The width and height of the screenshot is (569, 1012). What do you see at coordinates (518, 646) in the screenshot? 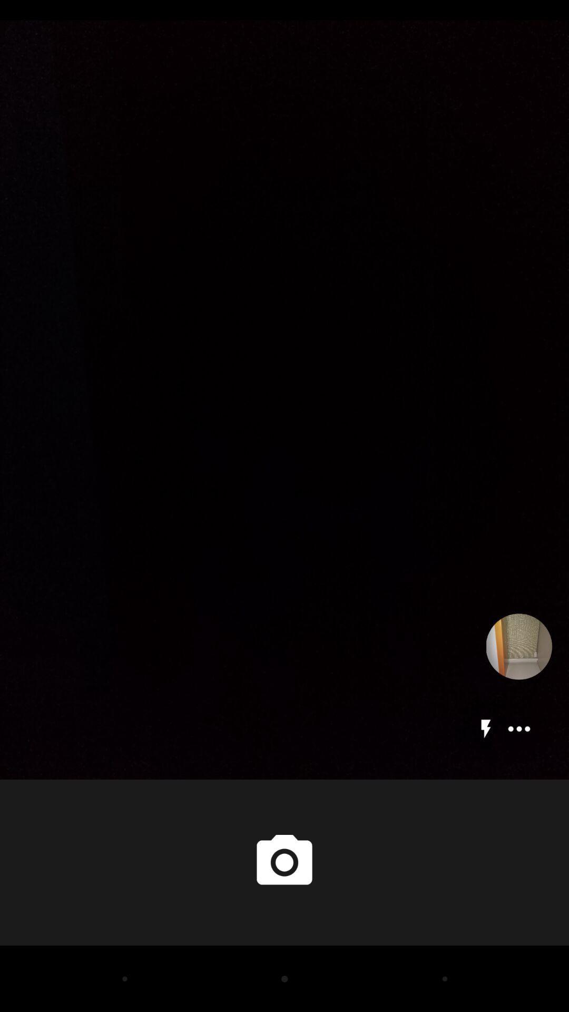
I see `the item on the right` at bounding box center [518, 646].